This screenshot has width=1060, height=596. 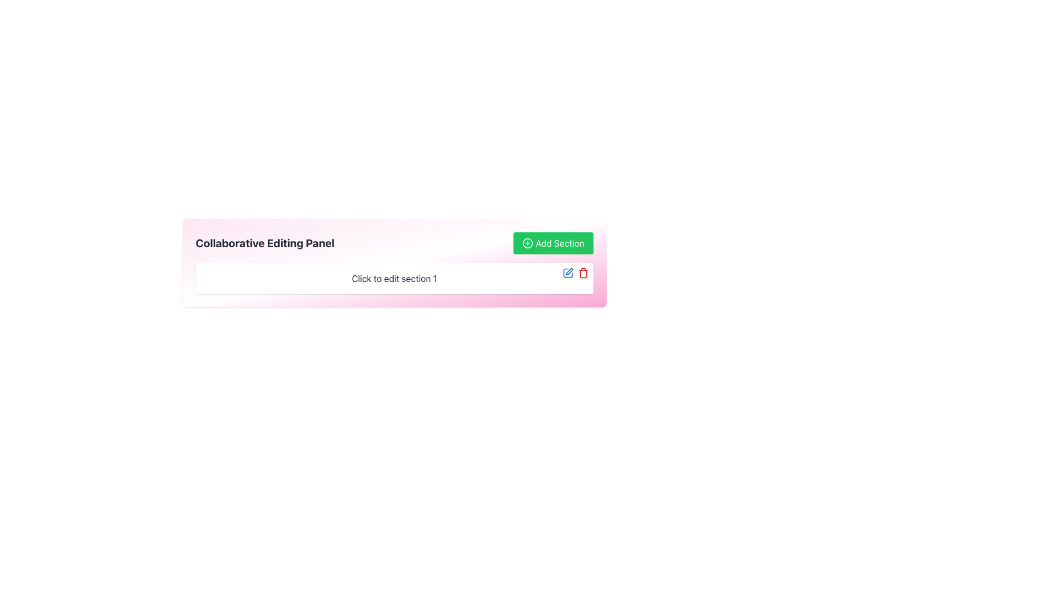 I want to click on the interactive text field located under the 'Collaborative Editing Panel' title, so click(x=394, y=278).